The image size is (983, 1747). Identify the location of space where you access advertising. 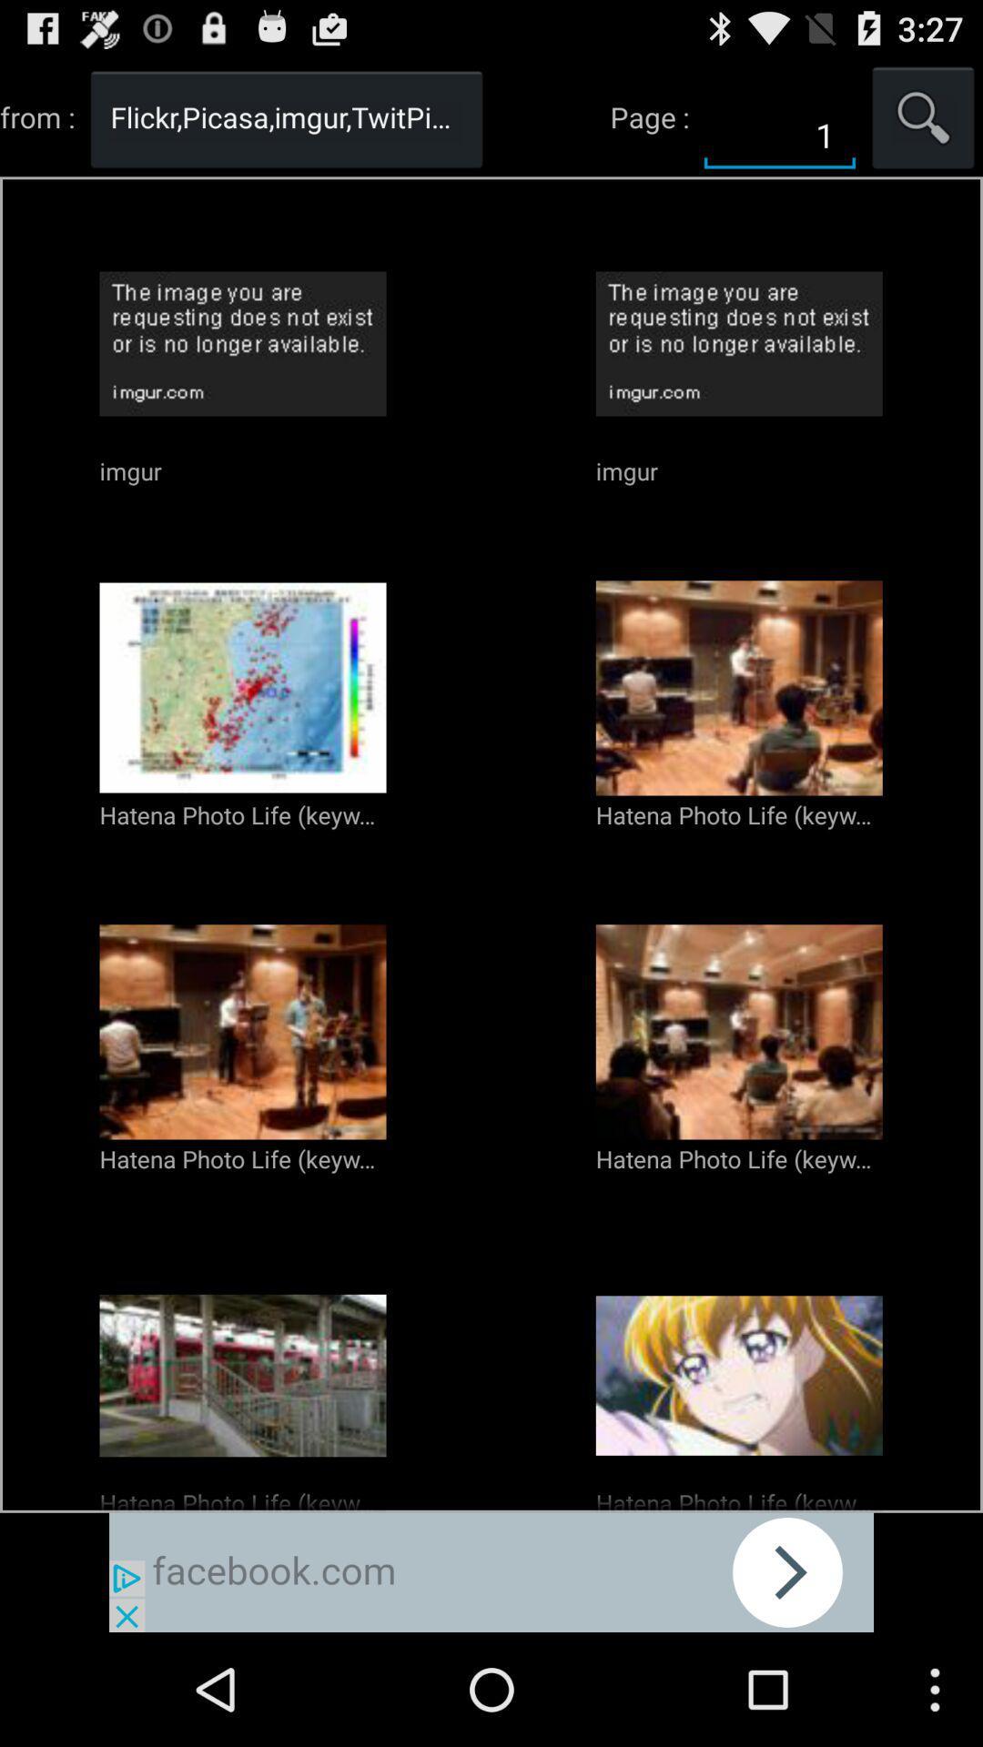
(491, 1571).